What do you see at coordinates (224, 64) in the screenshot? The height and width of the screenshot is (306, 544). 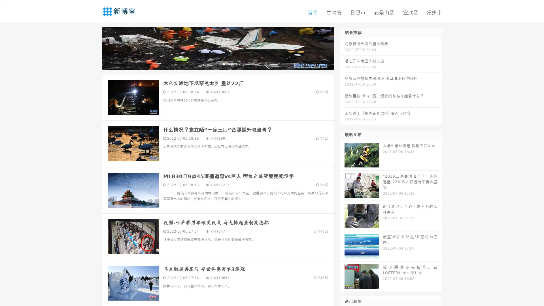 I see `Go to slide 3` at bounding box center [224, 64].